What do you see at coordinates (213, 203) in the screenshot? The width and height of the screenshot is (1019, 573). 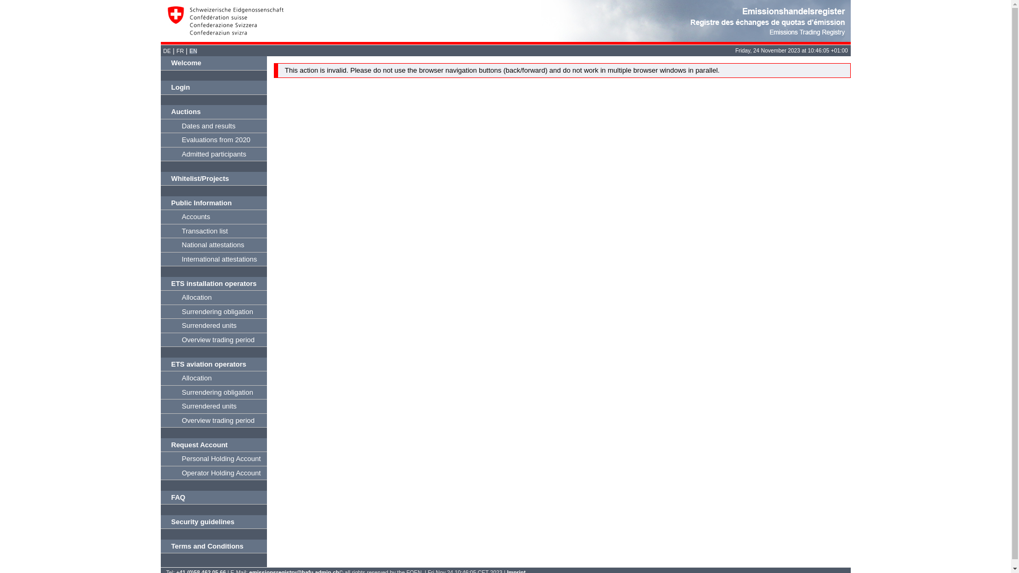 I see `'Public Information'` at bounding box center [213, 203].